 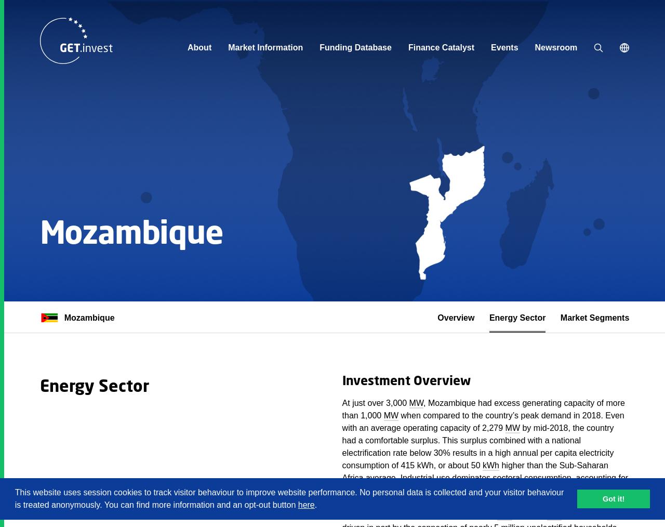 What do you see at coordinates (289, 498) in the screenshot?
I see `'This website uses session cookies to track visitor behaviour to improve website performance. No personal data is collected and your visitor behaviour is treated anonymously. You can find more information and an opt-out button'` at bounding box center [289, 498].